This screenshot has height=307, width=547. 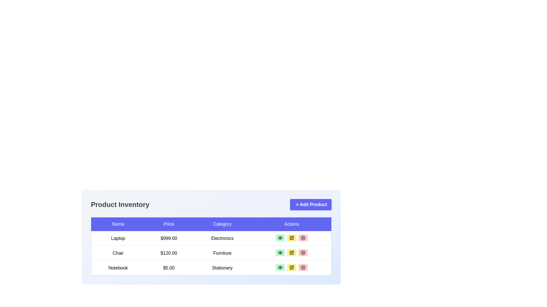 I want to click on the plus icon located to the left of the 'Add Product' button, which is situated in the top-right of the user interface, so click(x=297, y=205).